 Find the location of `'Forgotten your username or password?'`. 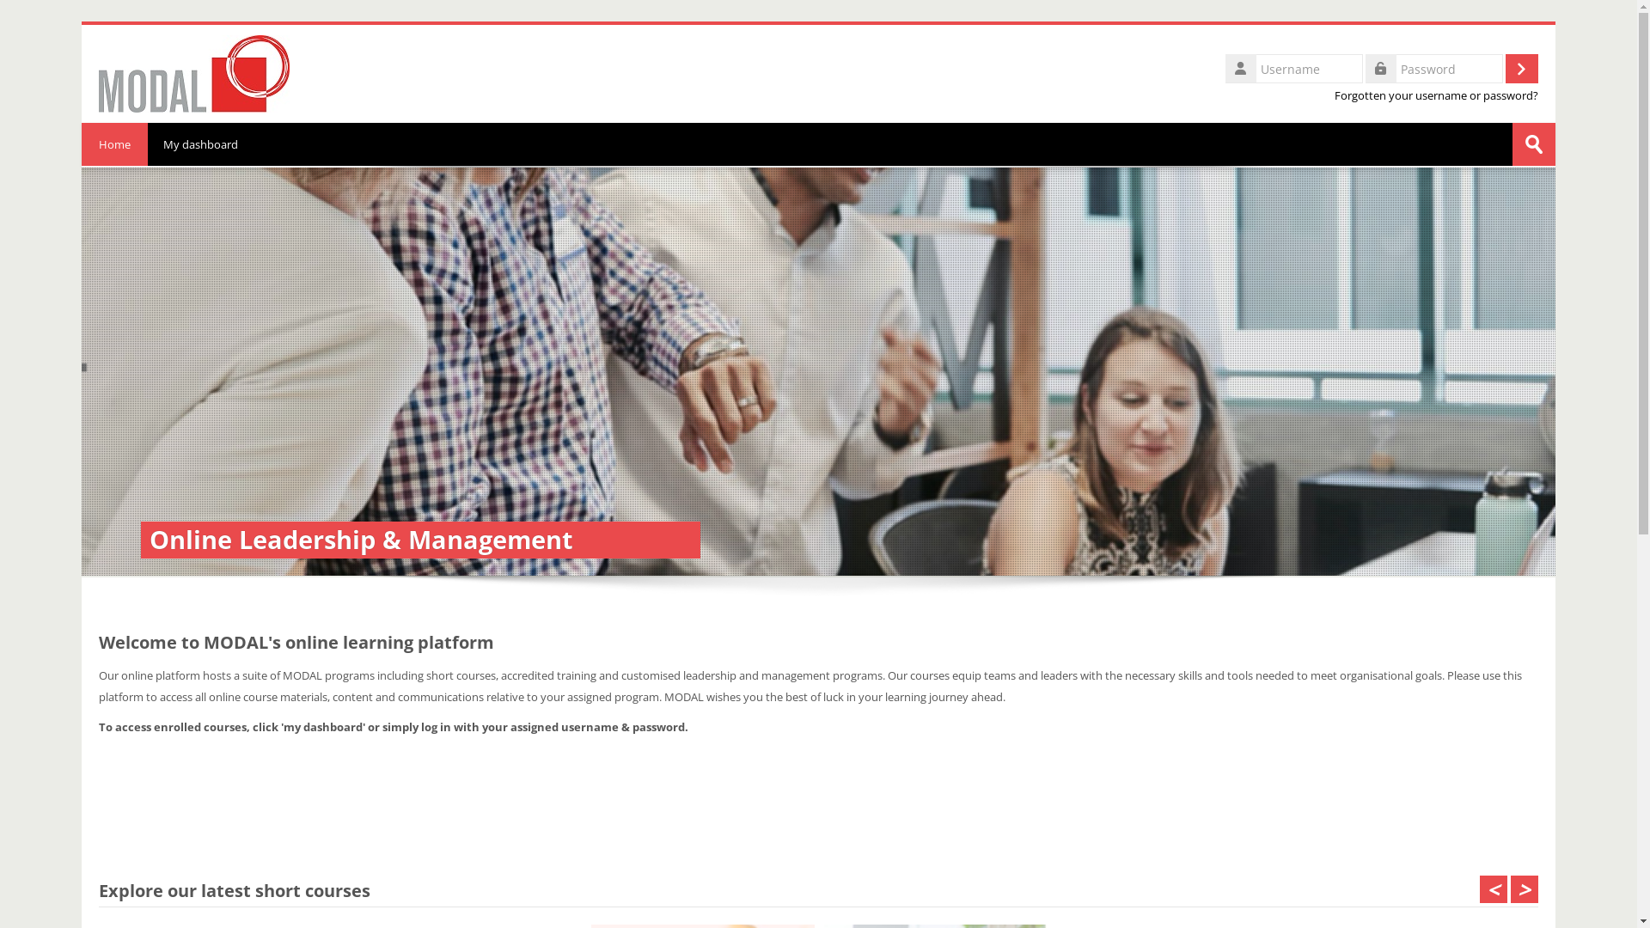

'Forgotten your username or password?' is located at coordinates (1436, 95).